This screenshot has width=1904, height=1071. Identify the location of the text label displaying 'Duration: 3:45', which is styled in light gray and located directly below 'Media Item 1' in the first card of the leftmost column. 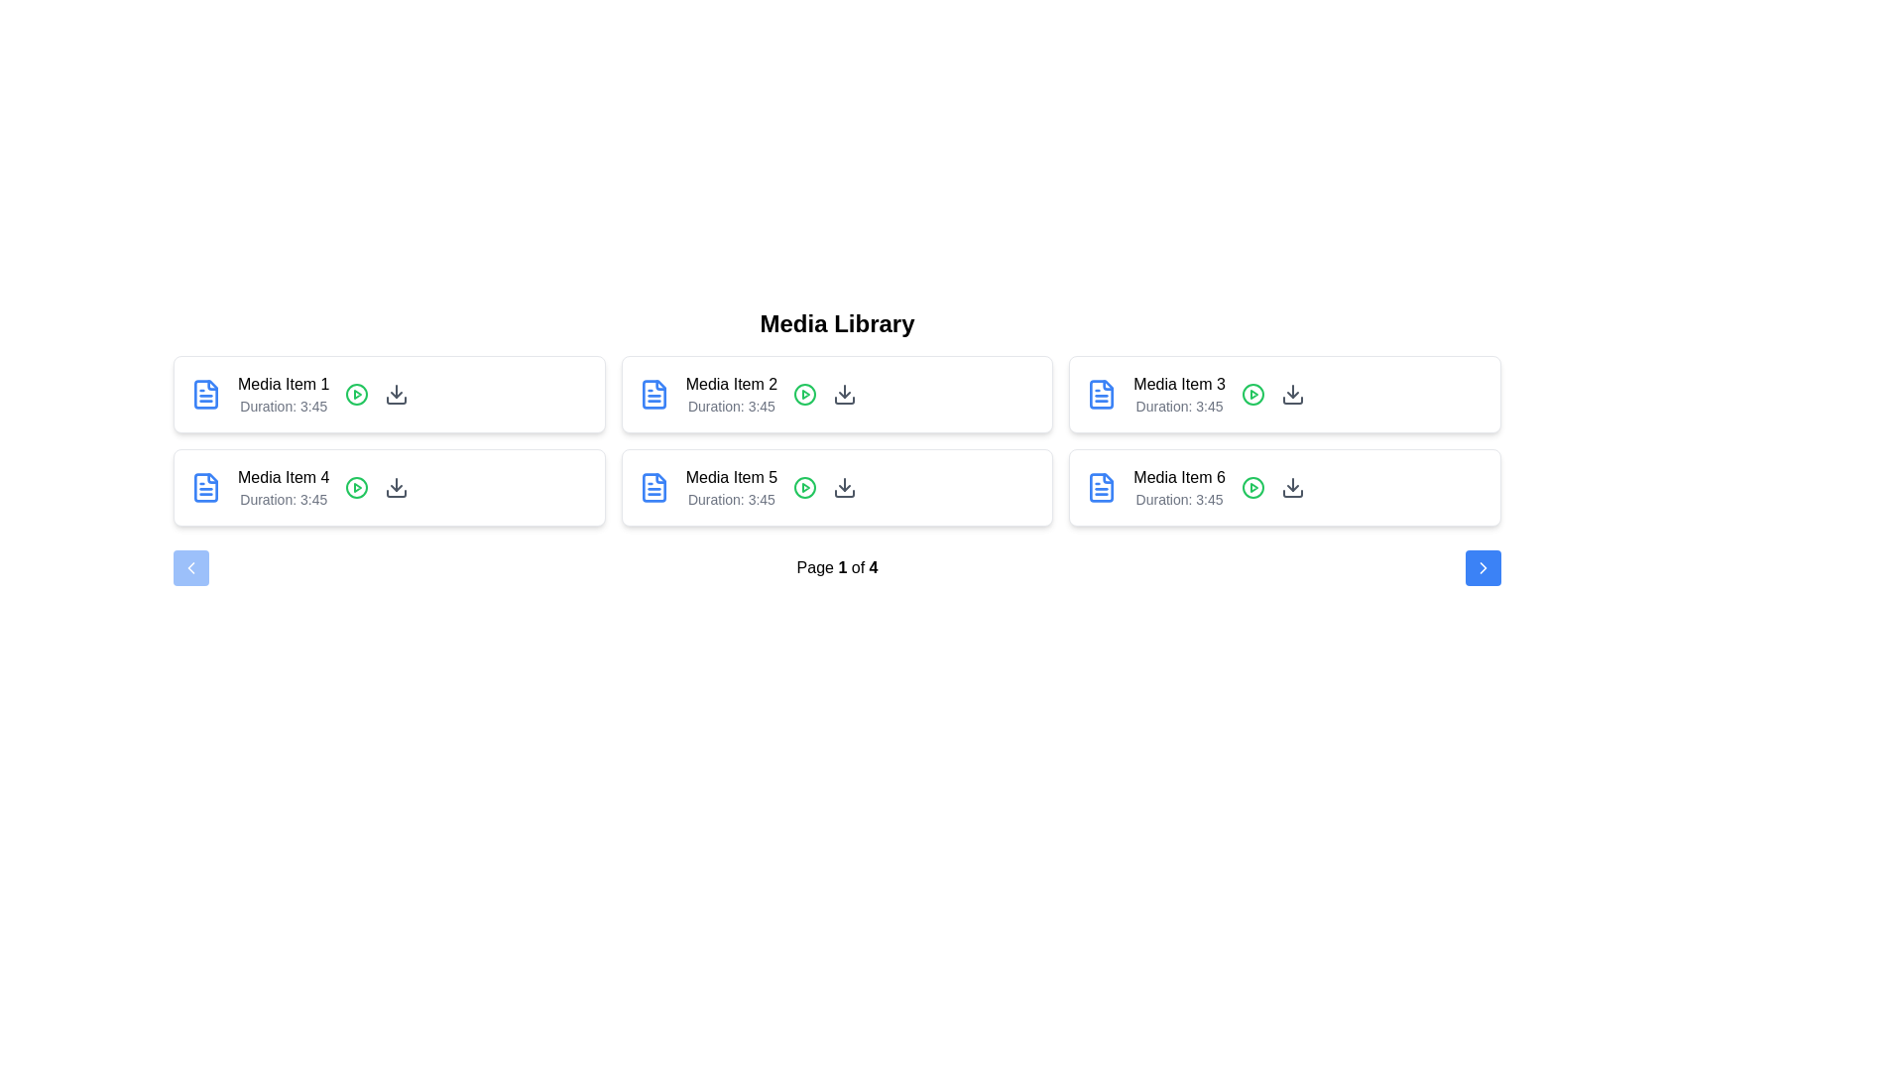
(283, 405).